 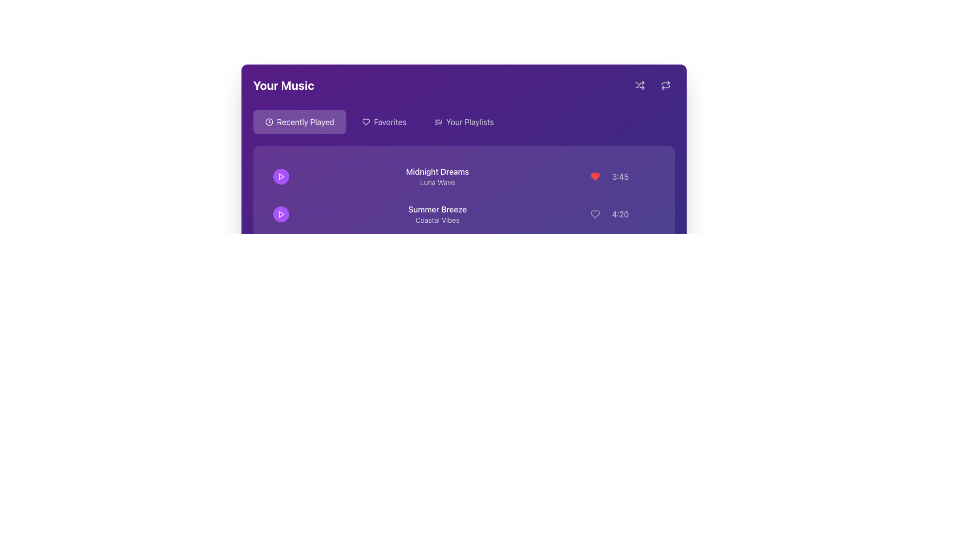 I want to click on the triangular play button icon located within the circular purple button next to the 'Summer Breeze' track entry, so click(x=280, y=214).